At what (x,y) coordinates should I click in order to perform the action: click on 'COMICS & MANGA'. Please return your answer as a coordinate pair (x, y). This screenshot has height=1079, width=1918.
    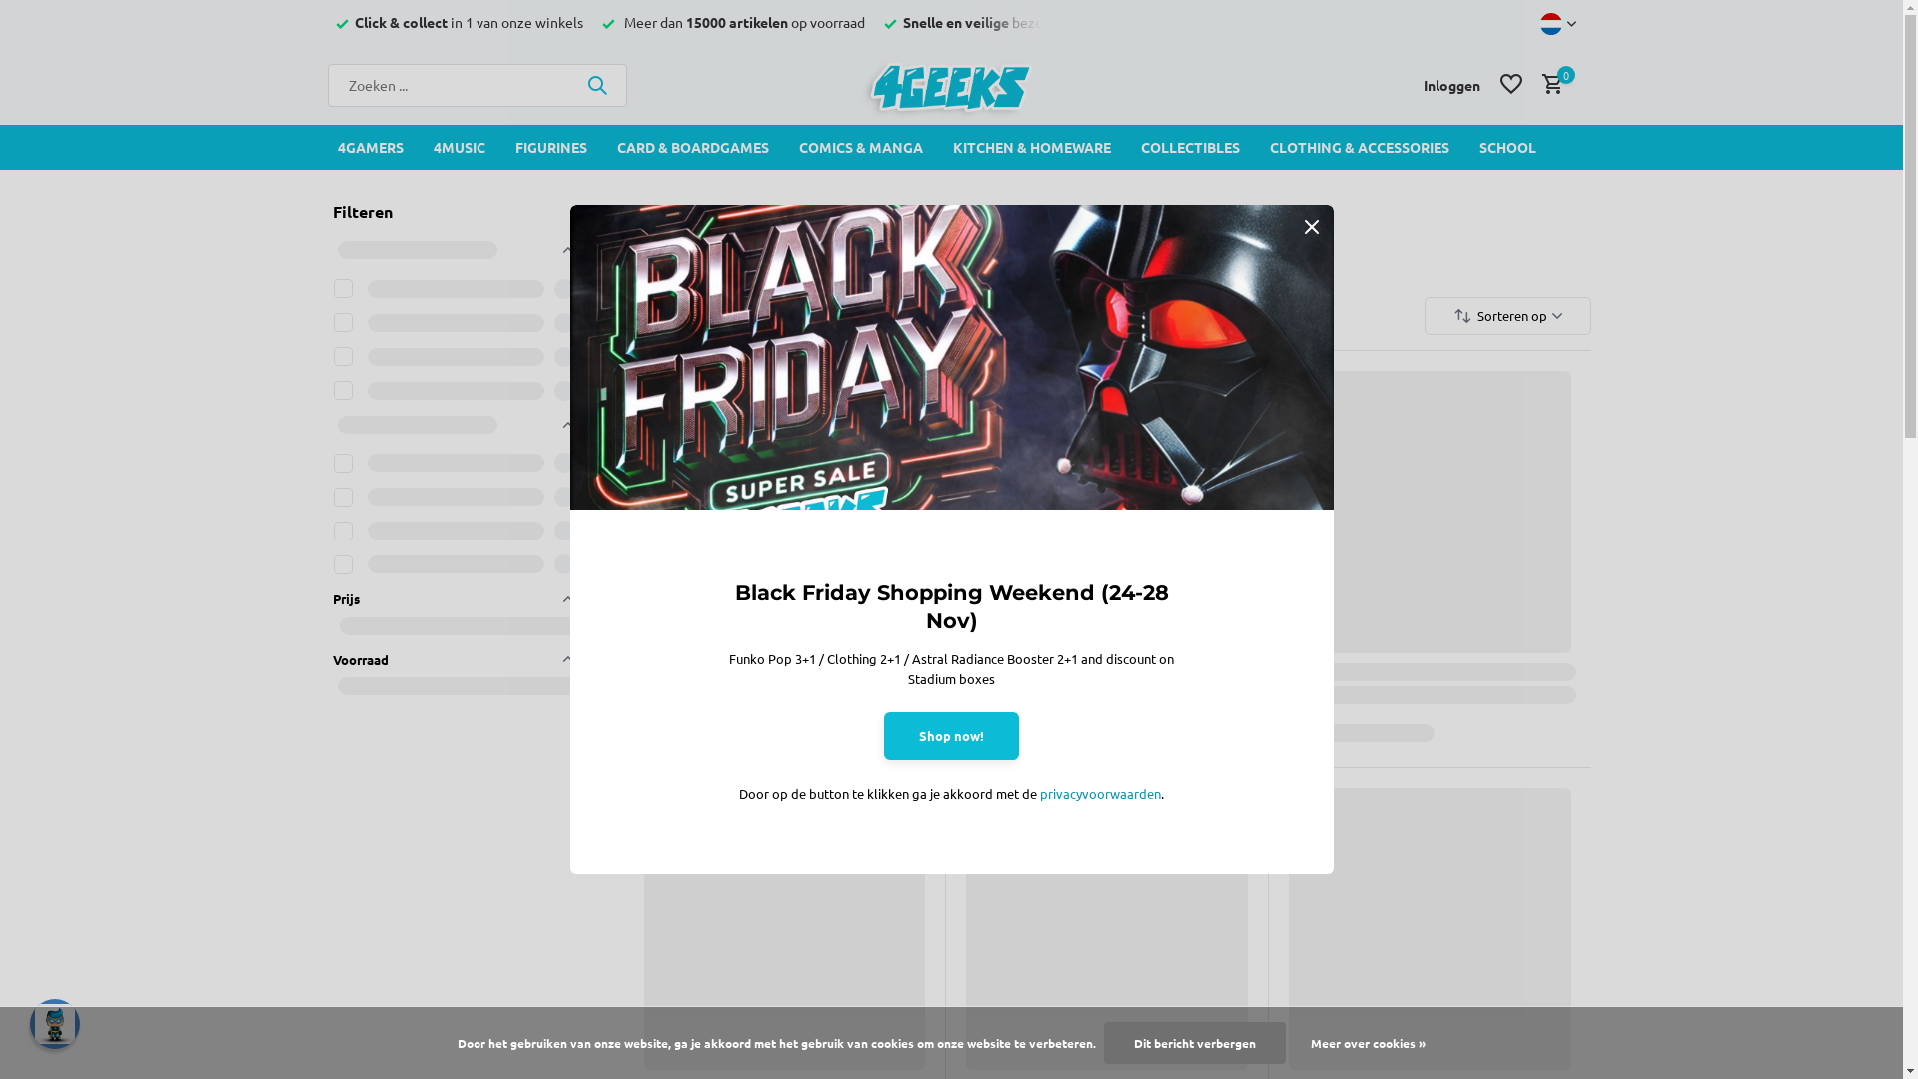
    Looking at the image, I should click on (861, 146).